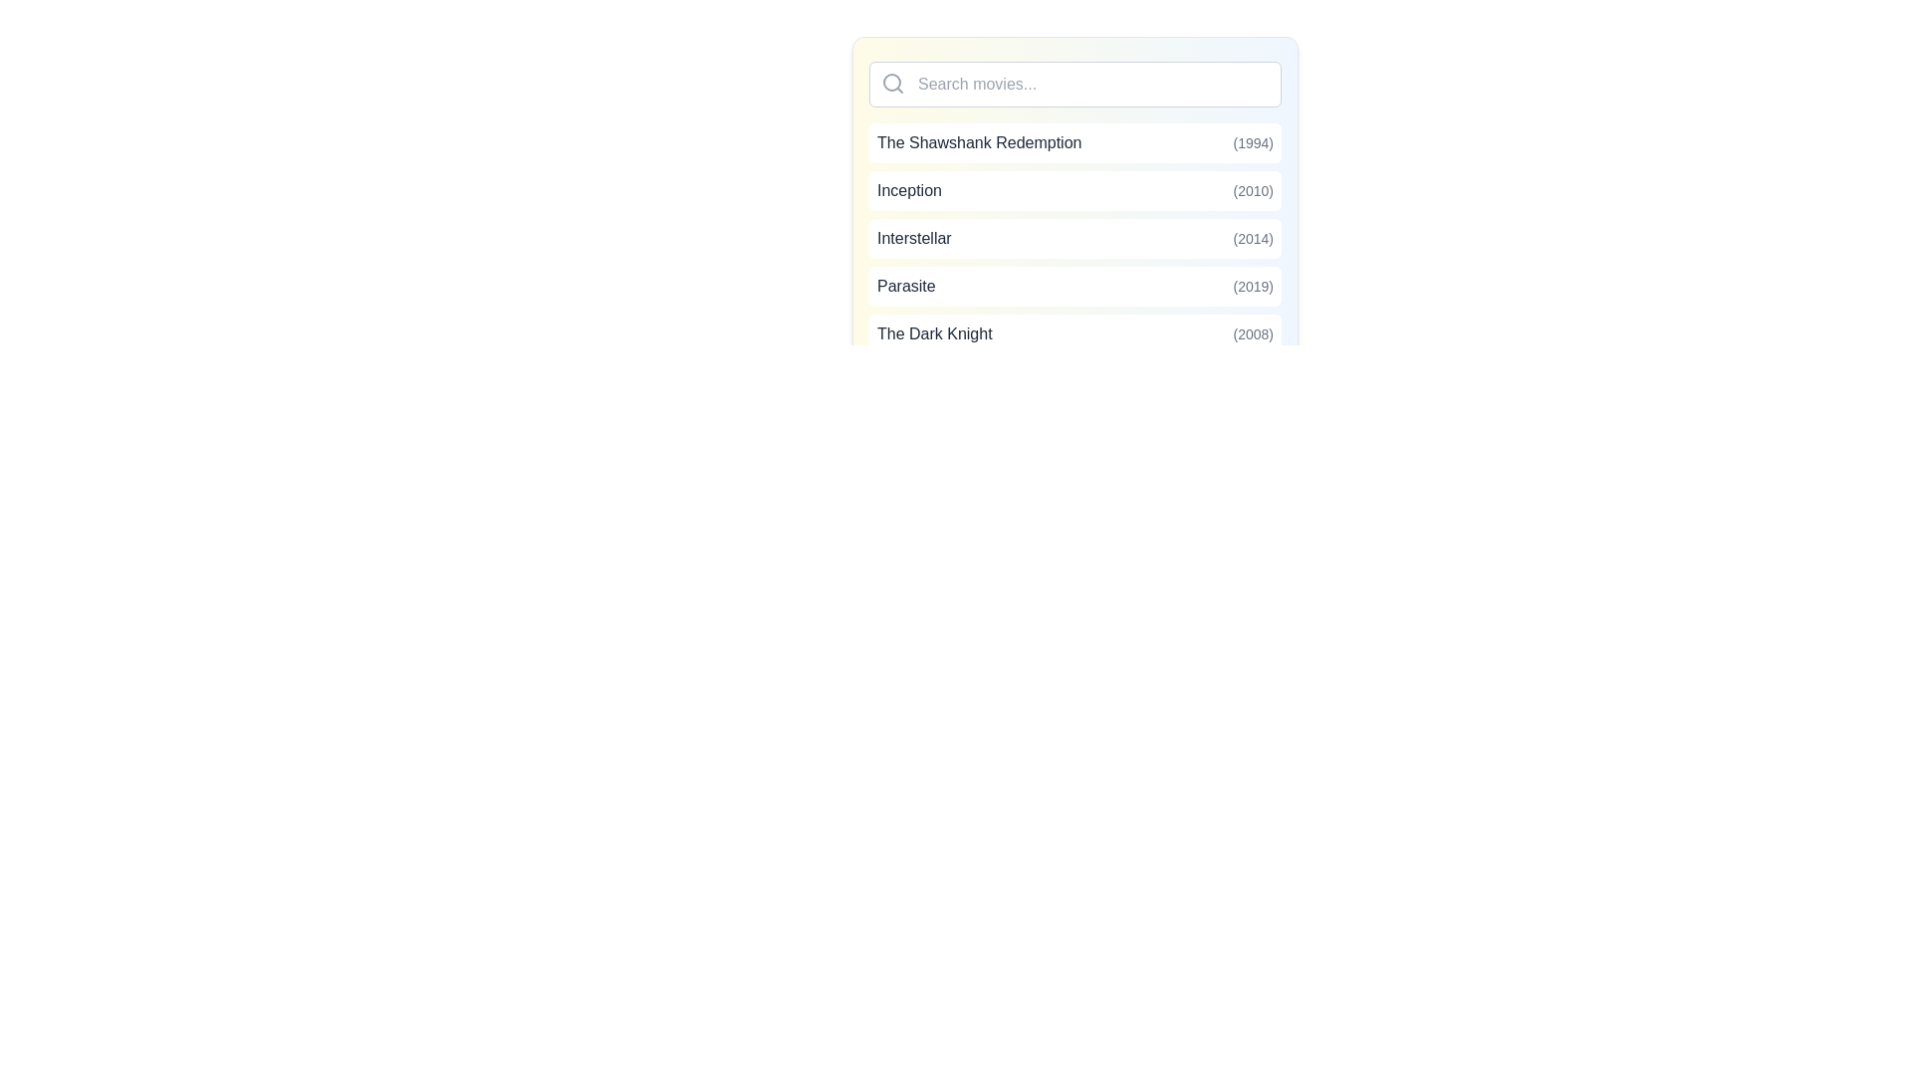 Image resolution: width=1912 pixels, height=1075 pixels. I want to click on text label that displays 'The Dark Knight' in dark gray color, positioned in the fifth item of a vertical list of movie titles, so click(933, 332).